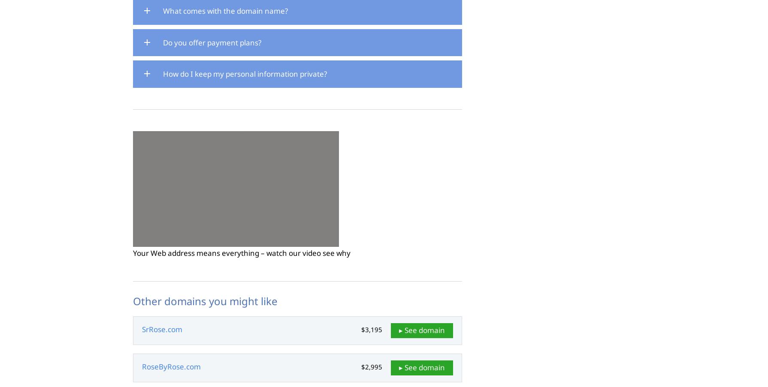 The image size is (768, 387). I want to click on 'SrRose.com', so click(162, 329).